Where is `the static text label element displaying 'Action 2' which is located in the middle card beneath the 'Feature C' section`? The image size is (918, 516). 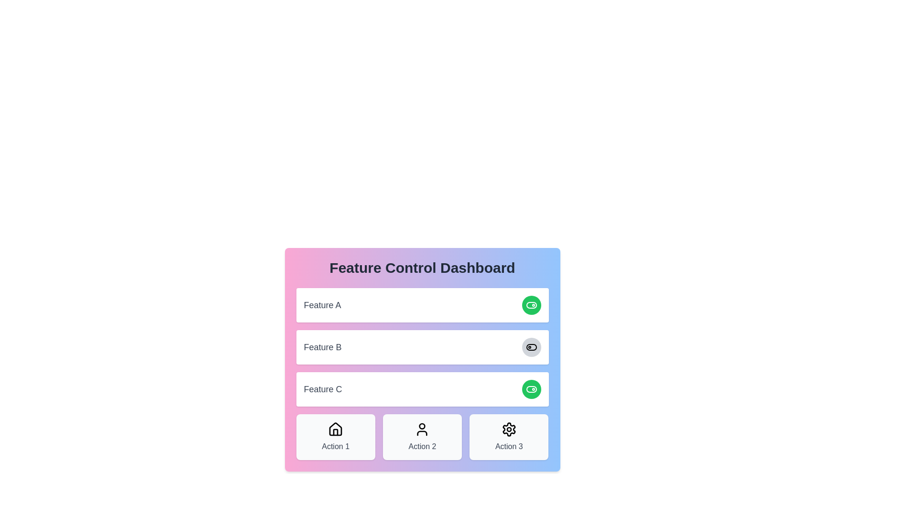 the static text label element displaying 'Action 2' which is located in the middle card beneath the 'Feature C' section is located at coordinates (422, 446).